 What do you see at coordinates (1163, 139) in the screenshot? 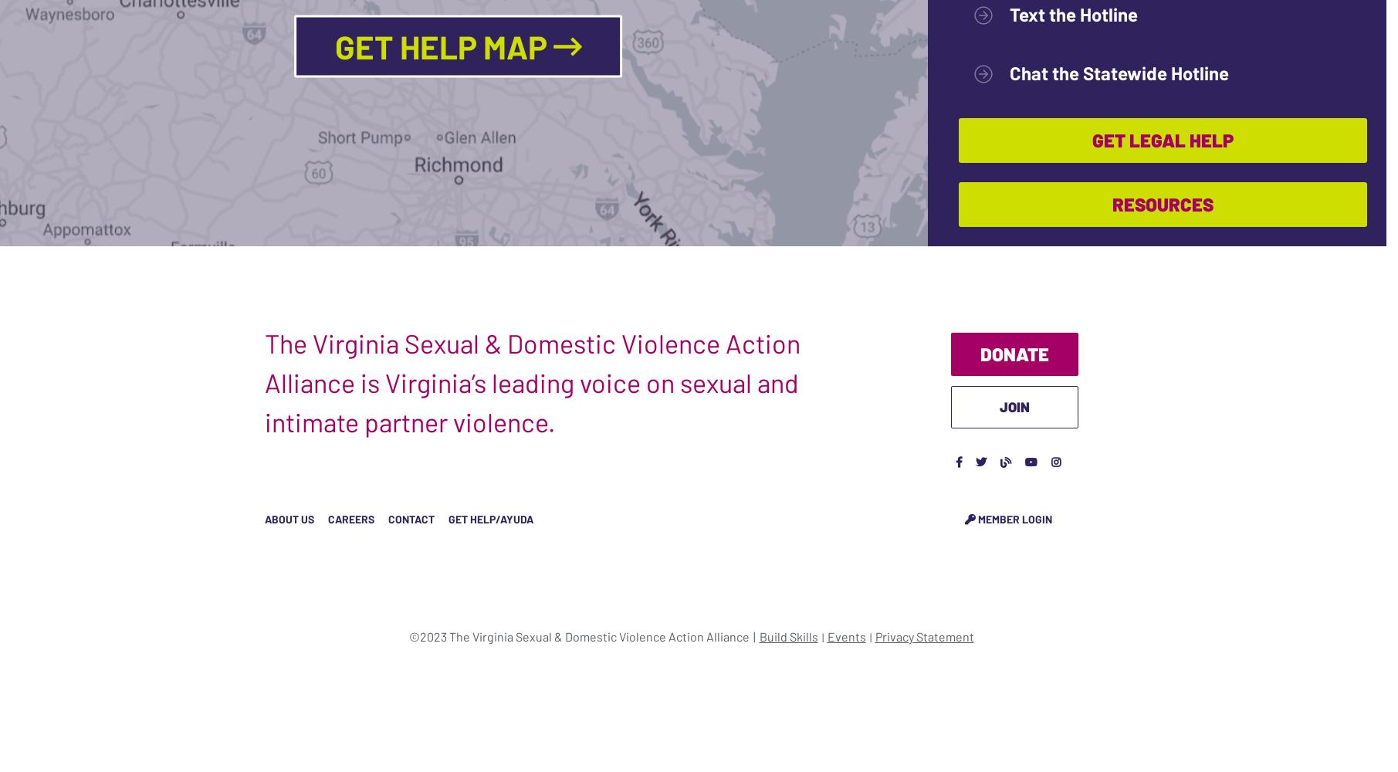
I see `'Get Legal Help'` at bounding box center [1163, 139].